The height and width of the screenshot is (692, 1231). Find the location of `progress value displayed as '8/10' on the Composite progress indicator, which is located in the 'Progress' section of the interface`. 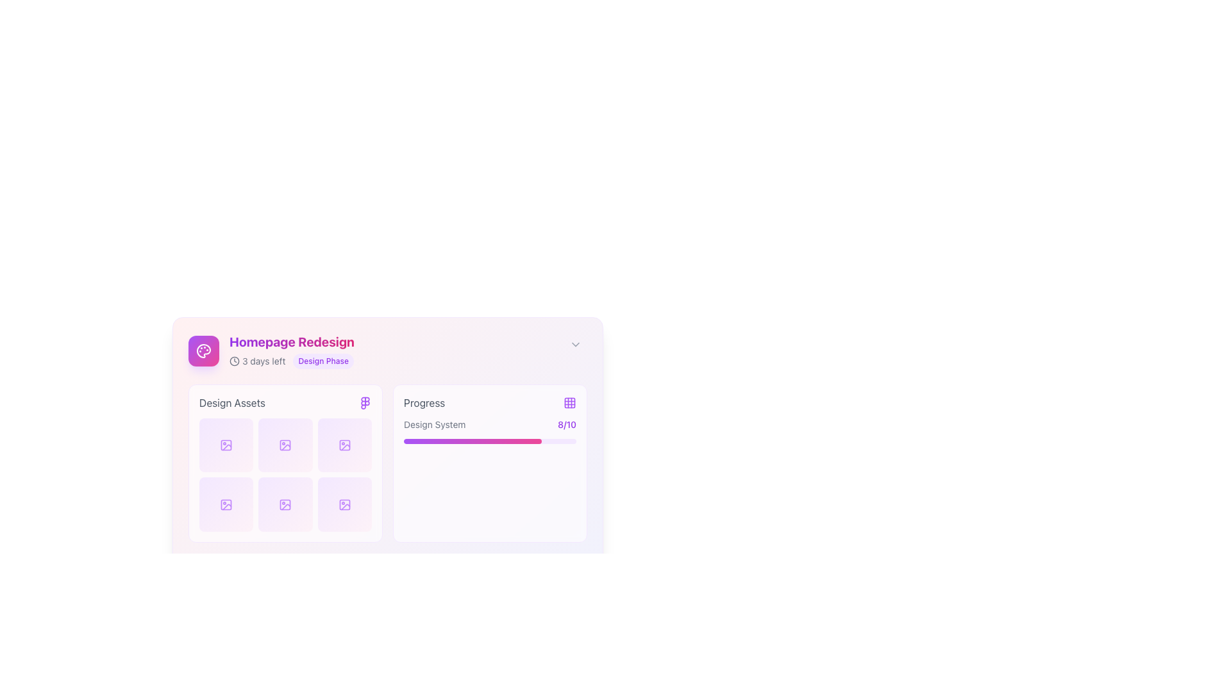

progress value displayed as '8/10' on the Composite progress indicator, which is located in the 'Progress' section of the interface is located at coordinates (489, 431).